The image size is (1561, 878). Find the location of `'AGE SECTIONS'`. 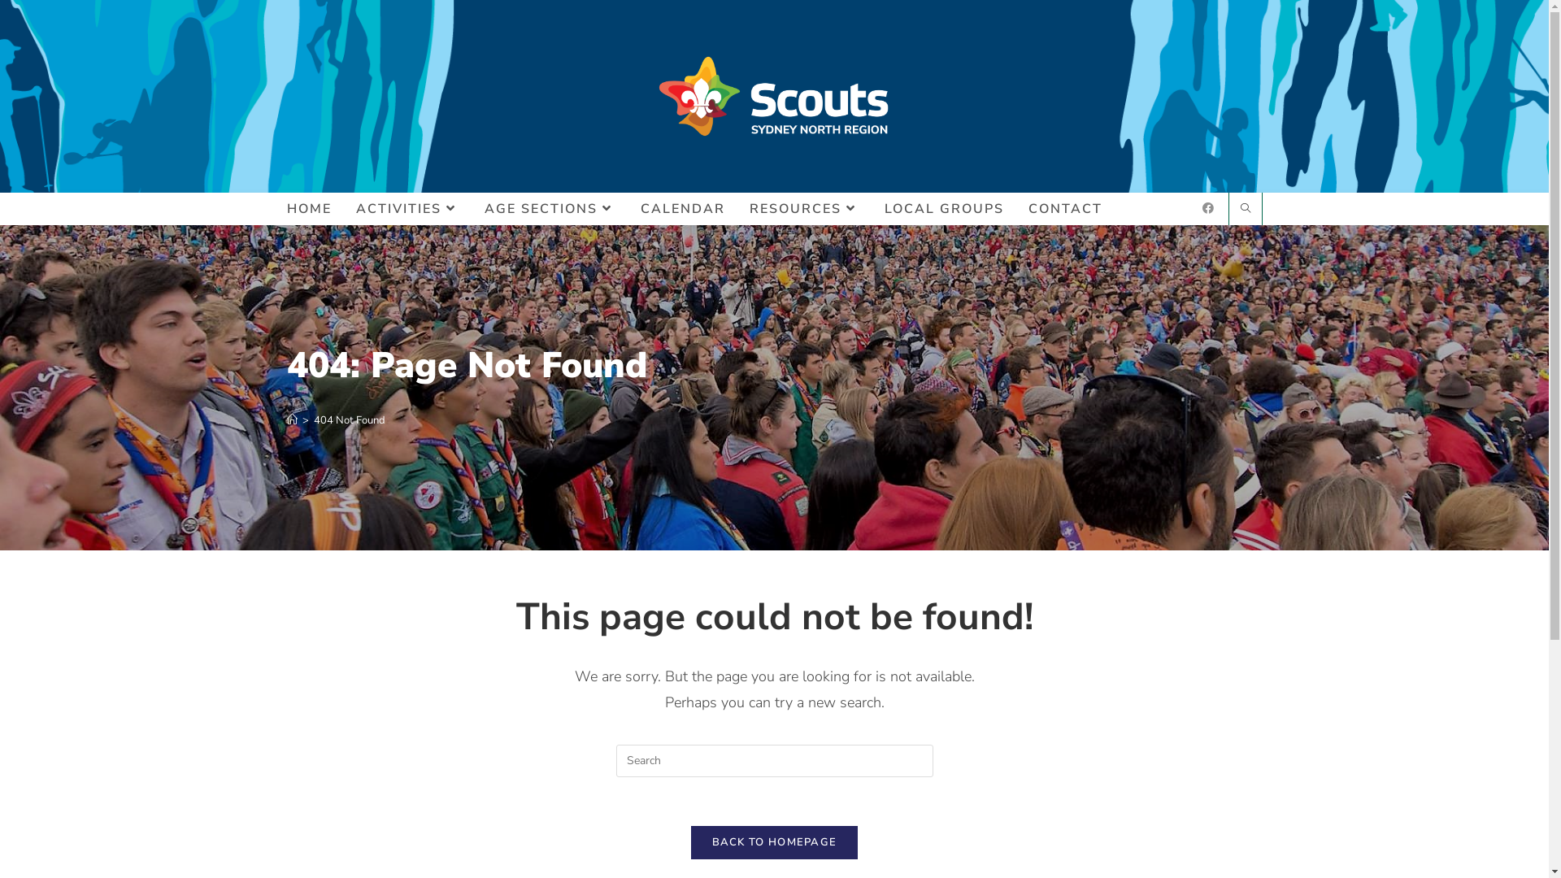

'AGE SECTIONS' is located at coordinates (471, 208).